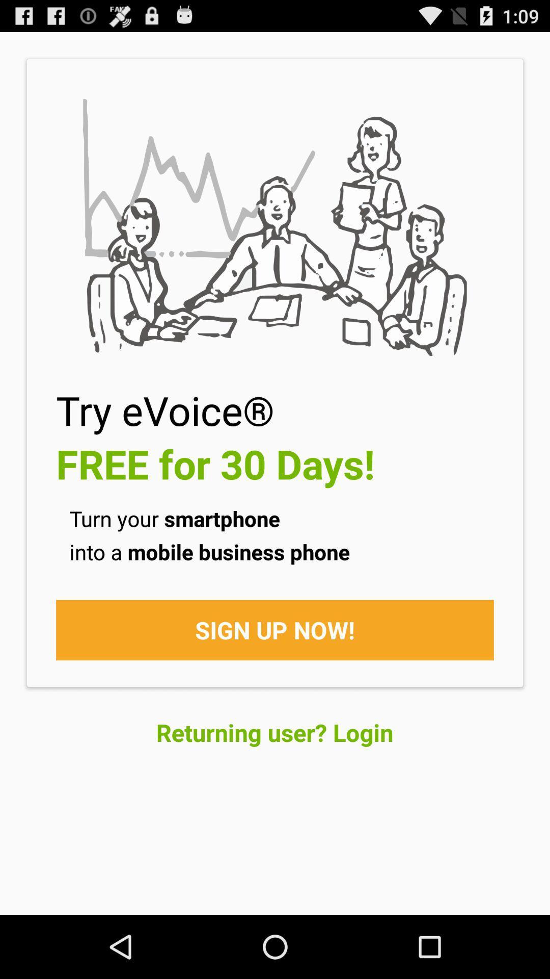  I want to click on app below the into a  icon, so click(275, 629).